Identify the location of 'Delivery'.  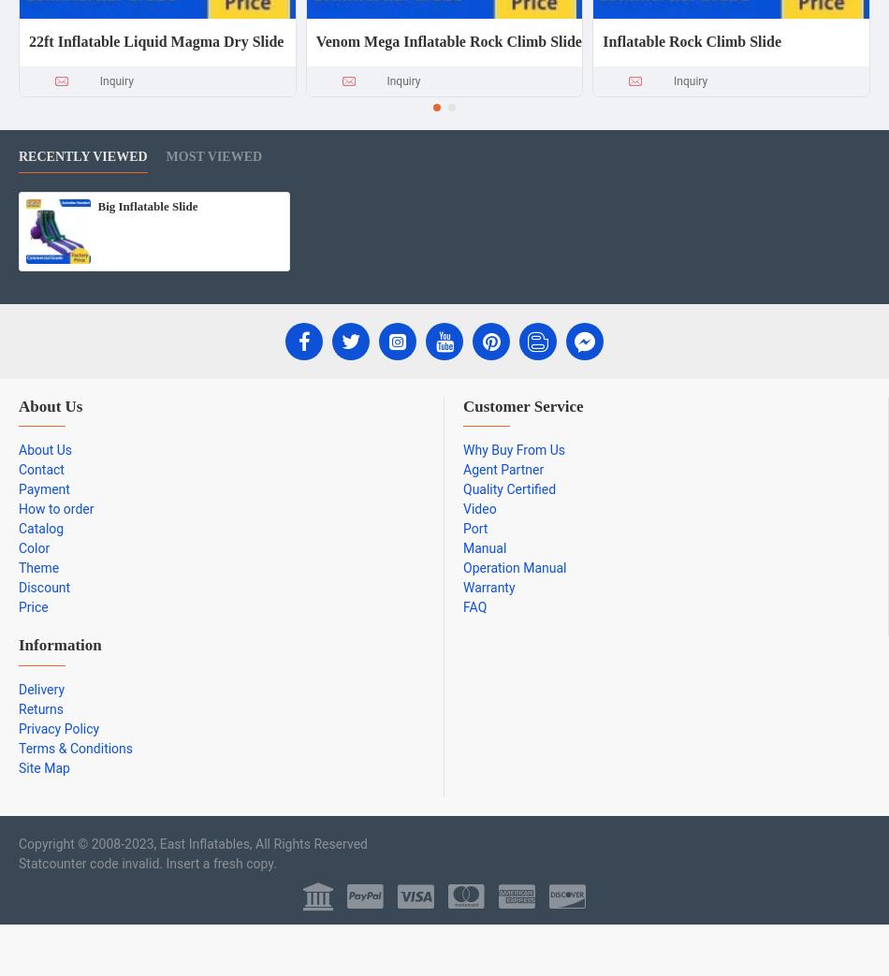
(41, 689).